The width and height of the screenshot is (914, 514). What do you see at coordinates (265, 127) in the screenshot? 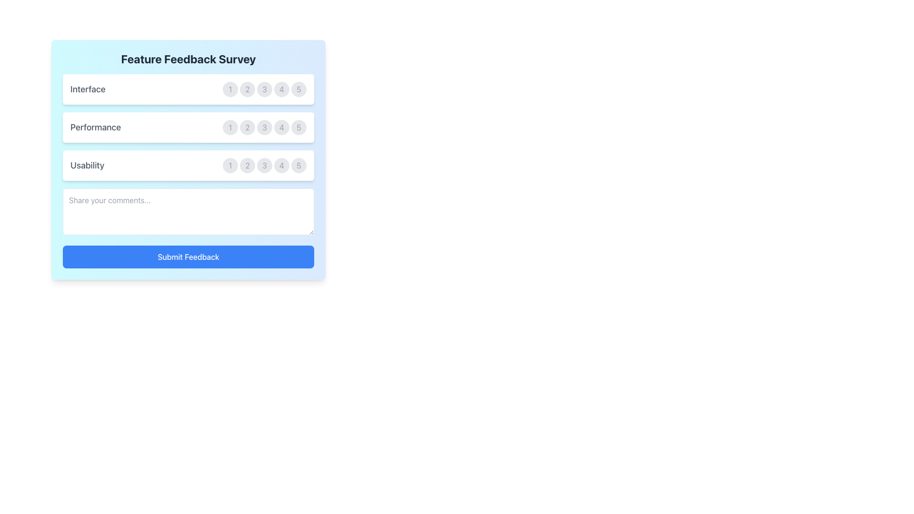
I see `the circular button labeled with the number '3' which is part of the row under the 'Performance' header` at bounding box center [265, 127].